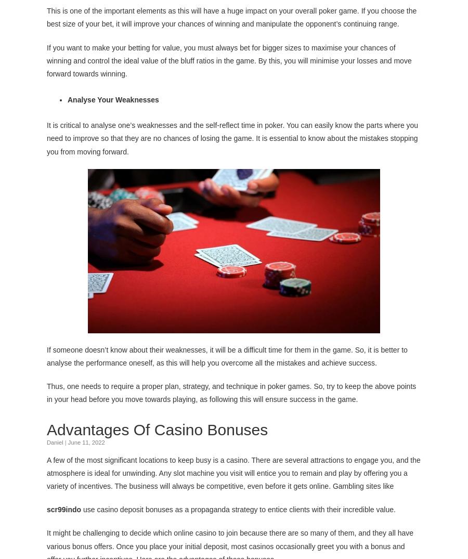  Describe the element at coordinates (83, 509) in the screenshot. I see `'use casino deposit bonuses as a propaganda strategy to entice clients with their incredible value.'` at that location.